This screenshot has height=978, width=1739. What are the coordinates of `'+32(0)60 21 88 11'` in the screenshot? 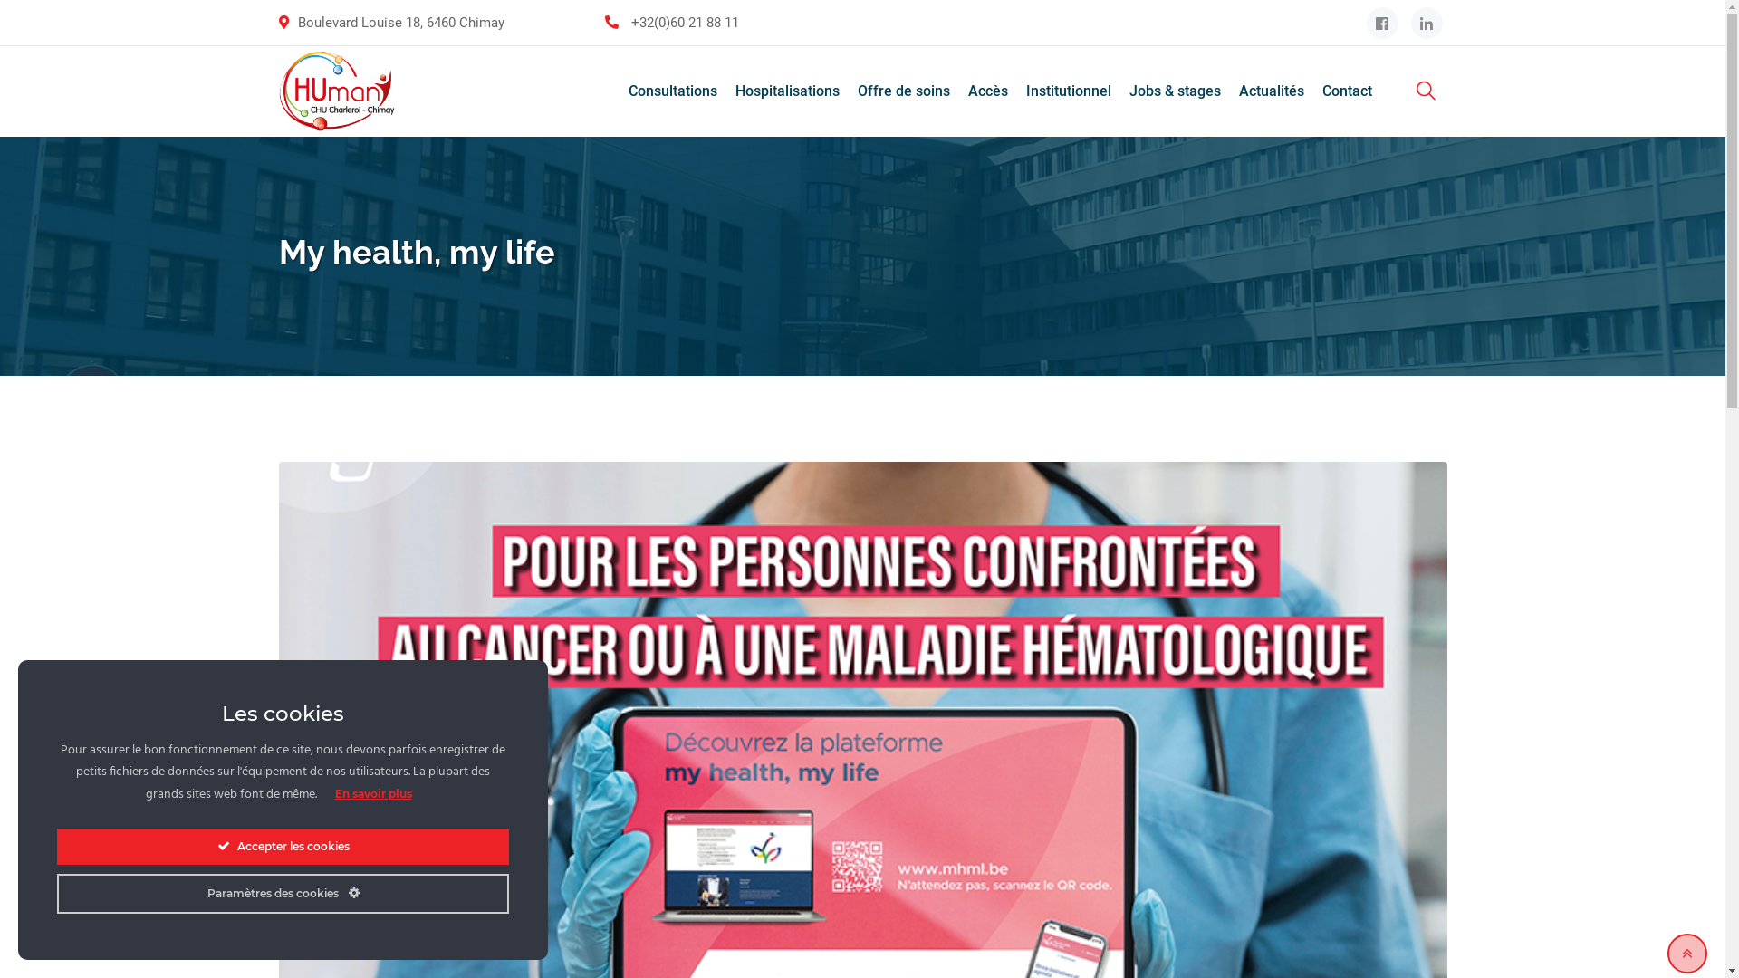 It's located at (683, 22).